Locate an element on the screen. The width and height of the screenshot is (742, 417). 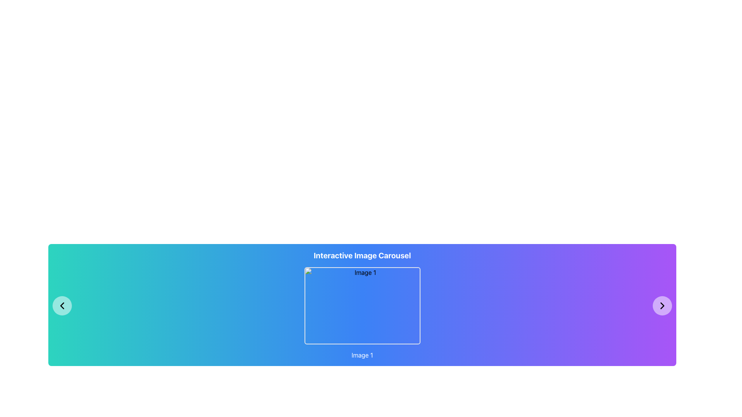
the left navigation button of the image carousel is located at coordinates (62, 305).